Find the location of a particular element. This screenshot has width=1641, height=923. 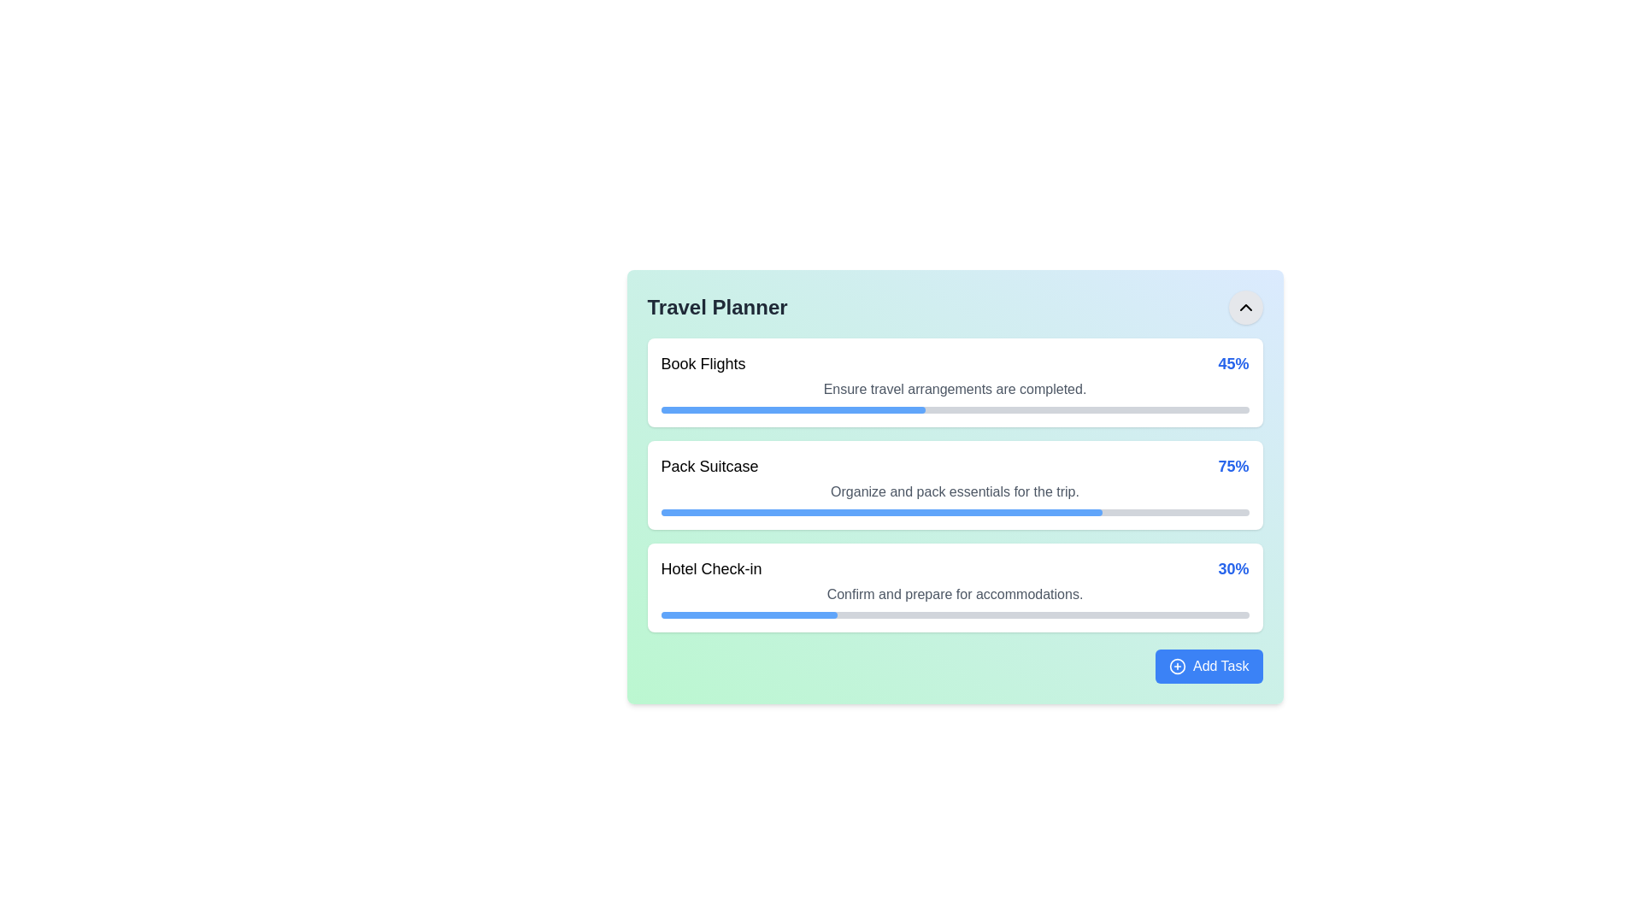

the circular button with a light gray background and black upward arrow located at the top-right corner of the 'Travel Planner' panel is located at coordinates (1245, 306).